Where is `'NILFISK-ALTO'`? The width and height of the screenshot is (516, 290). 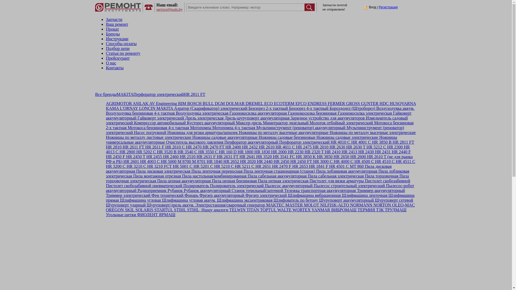 'NILFISK-ALTO' is located at coordinates (334, 205).